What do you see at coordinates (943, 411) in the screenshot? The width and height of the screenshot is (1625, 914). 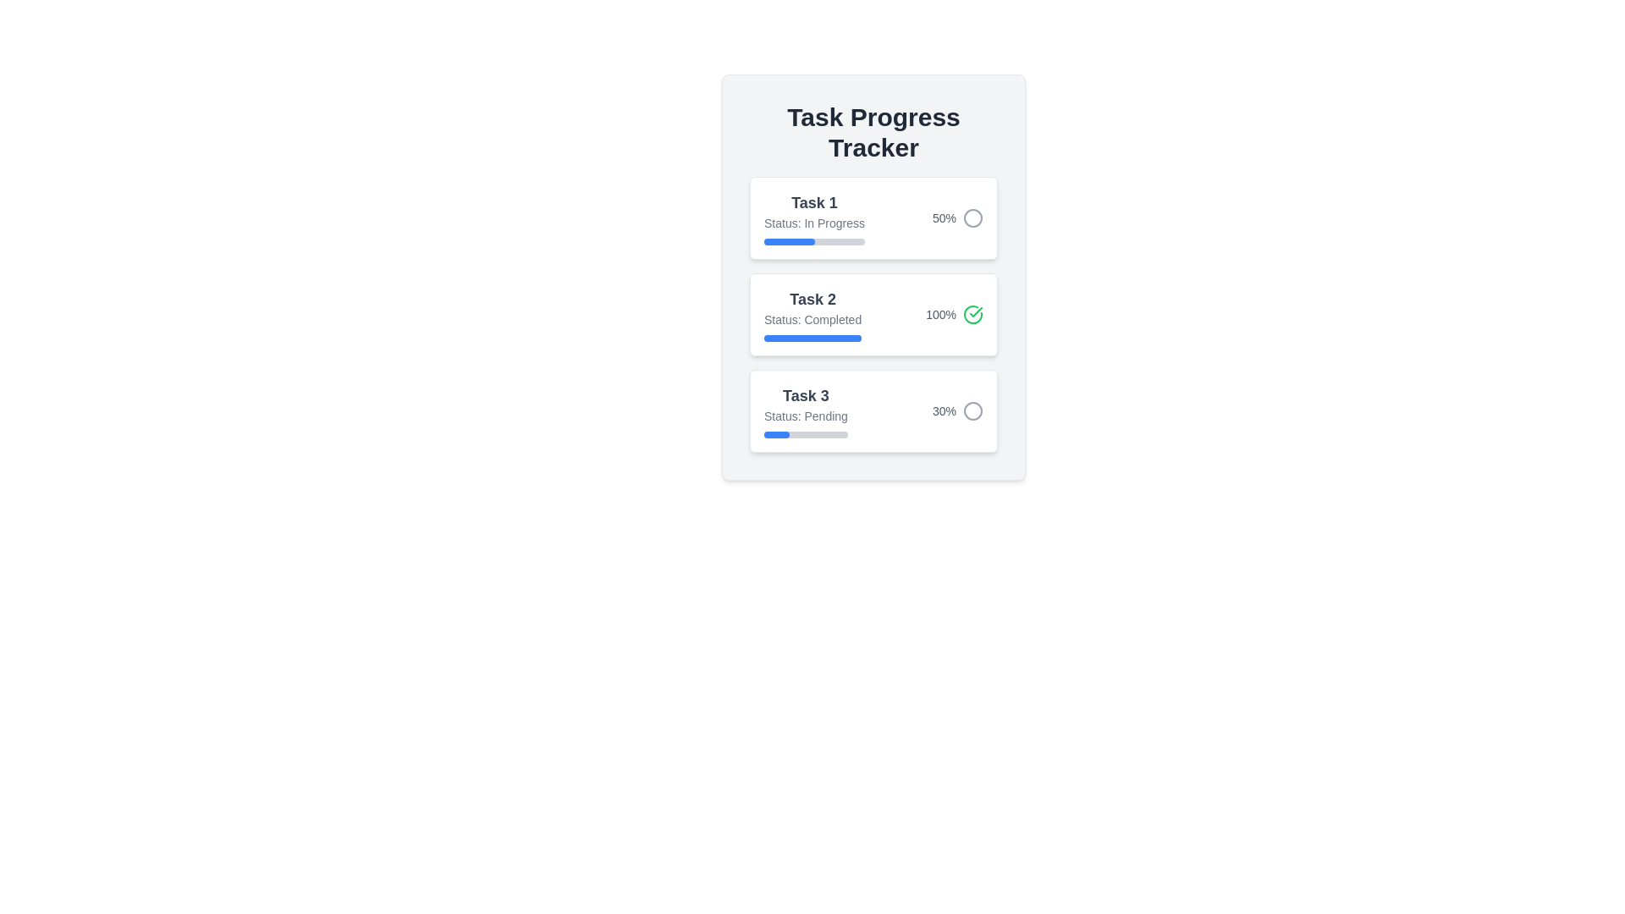 I see `the text label displaying '30%' which is located adjacent to a circular icon in the third task card labeled 'Task 3: Status: Pending'` at bounding box center [943, 411].